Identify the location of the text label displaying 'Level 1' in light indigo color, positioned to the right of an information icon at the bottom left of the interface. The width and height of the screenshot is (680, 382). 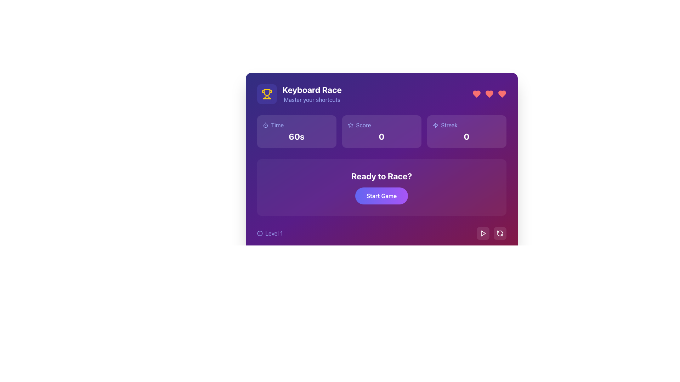
(273, 233).